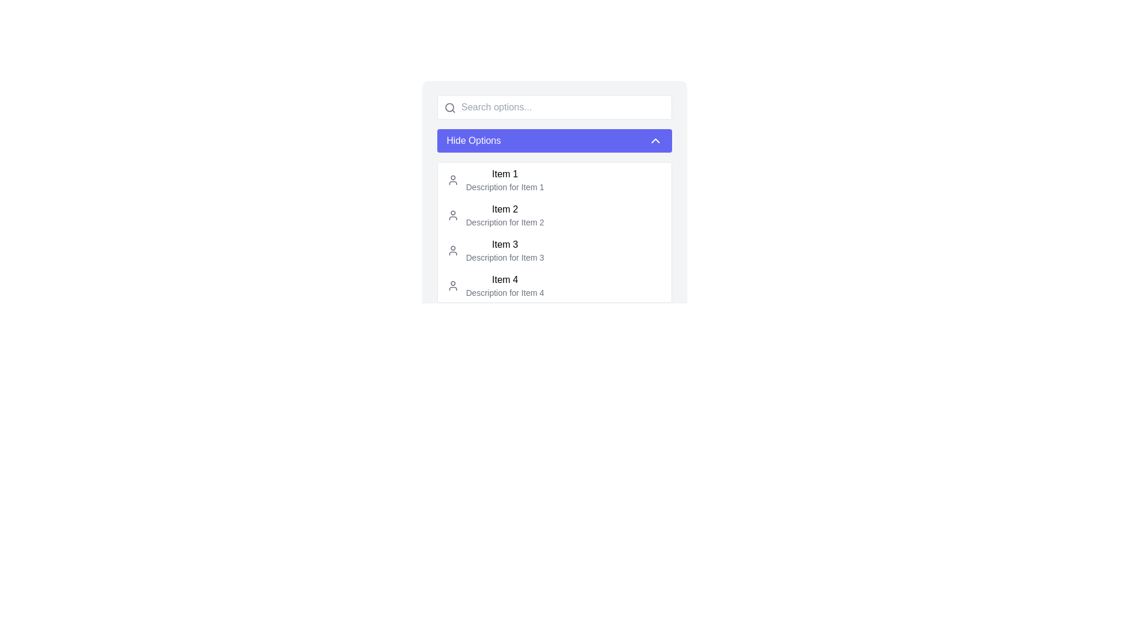  I want to click on the user profile outline icon with a gray circular border located to the left of 'Item 3 Description for Item 3', so click(453, 250).